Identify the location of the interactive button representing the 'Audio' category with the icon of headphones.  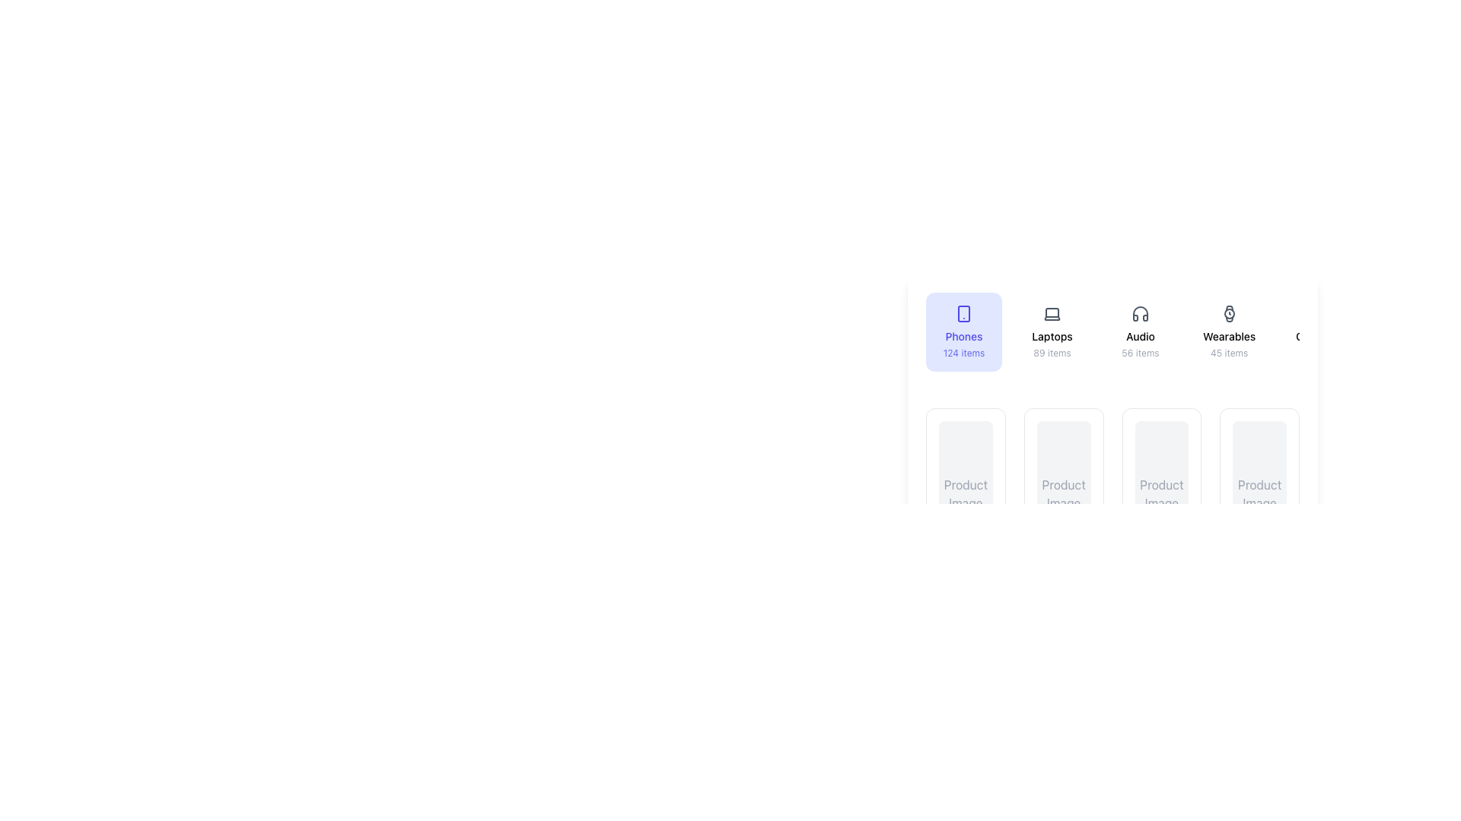
(1140, 331).